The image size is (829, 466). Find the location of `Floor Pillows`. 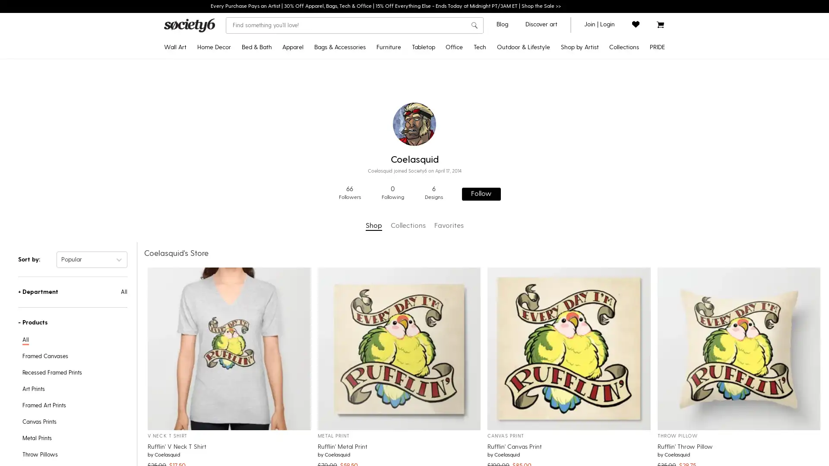

Floor Pillows is located at coordinates (230, 110).